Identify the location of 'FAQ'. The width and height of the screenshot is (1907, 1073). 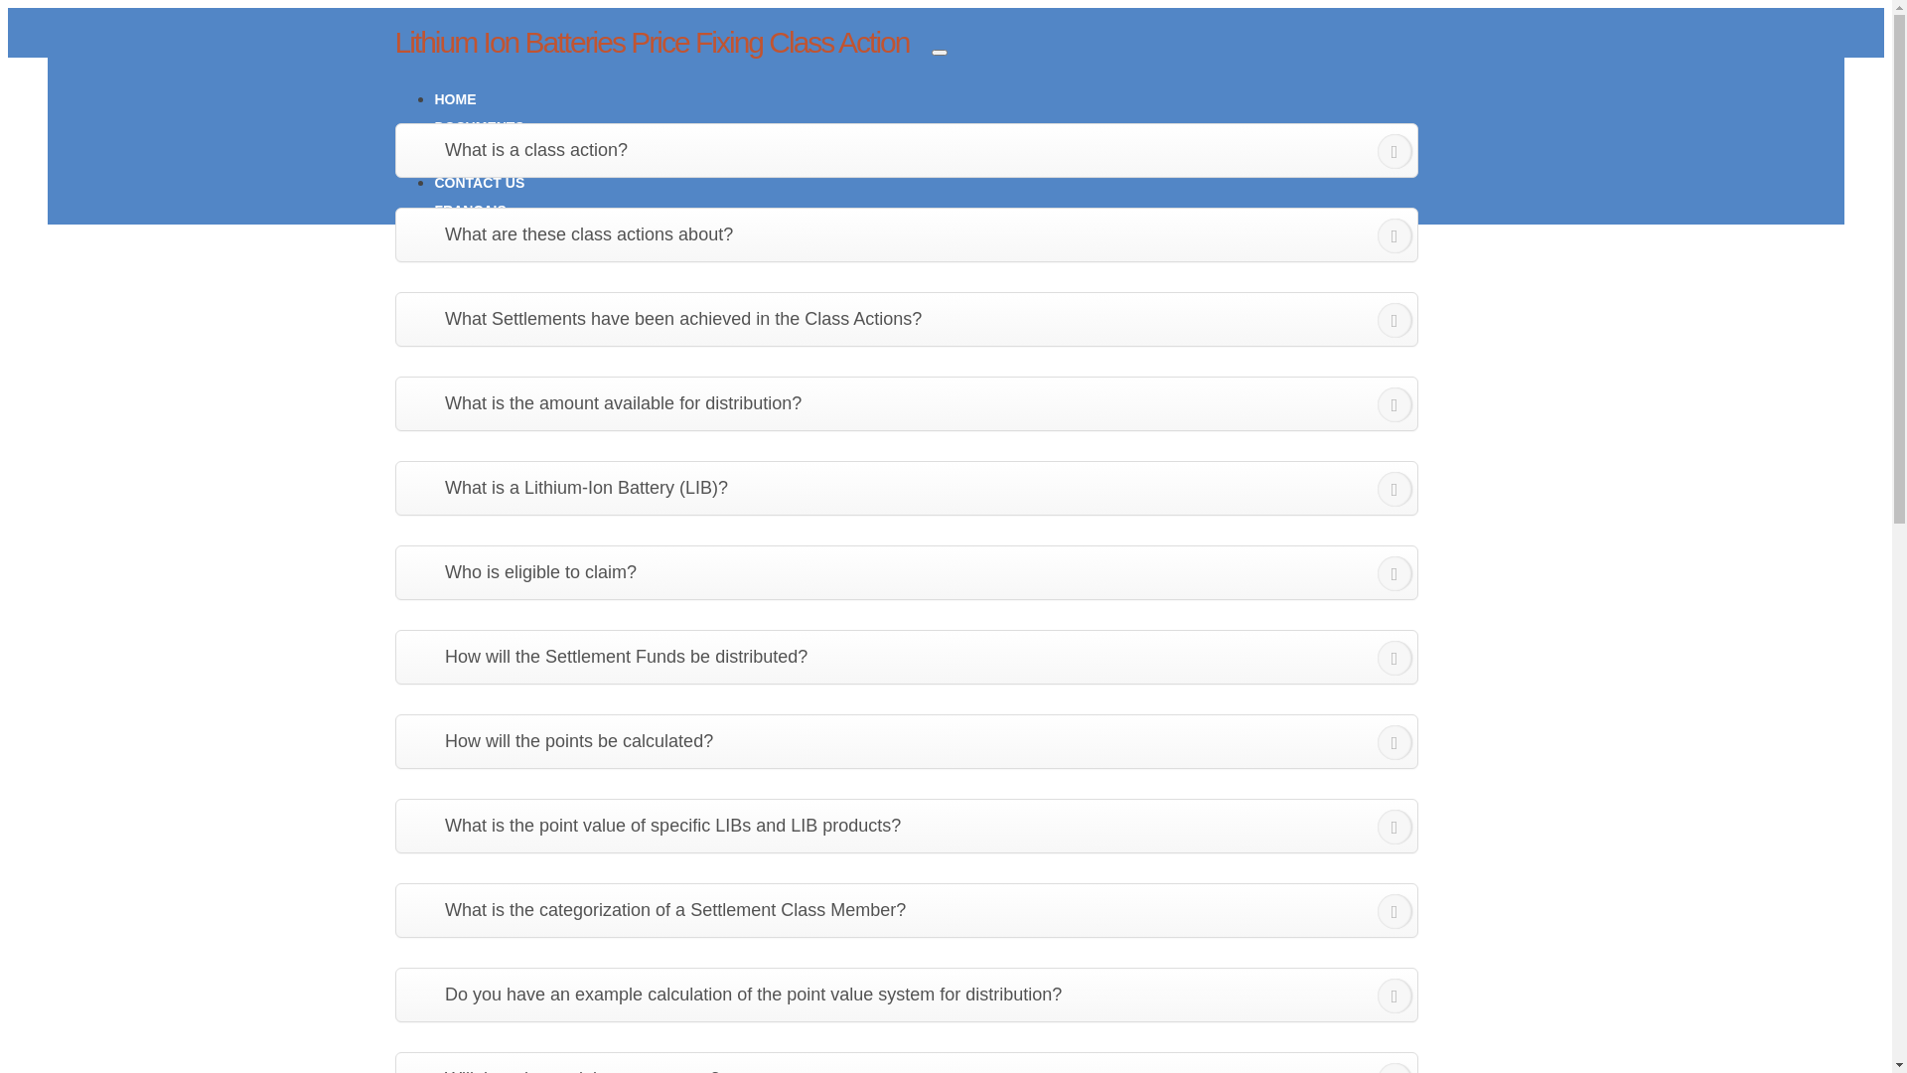
(448, 153).